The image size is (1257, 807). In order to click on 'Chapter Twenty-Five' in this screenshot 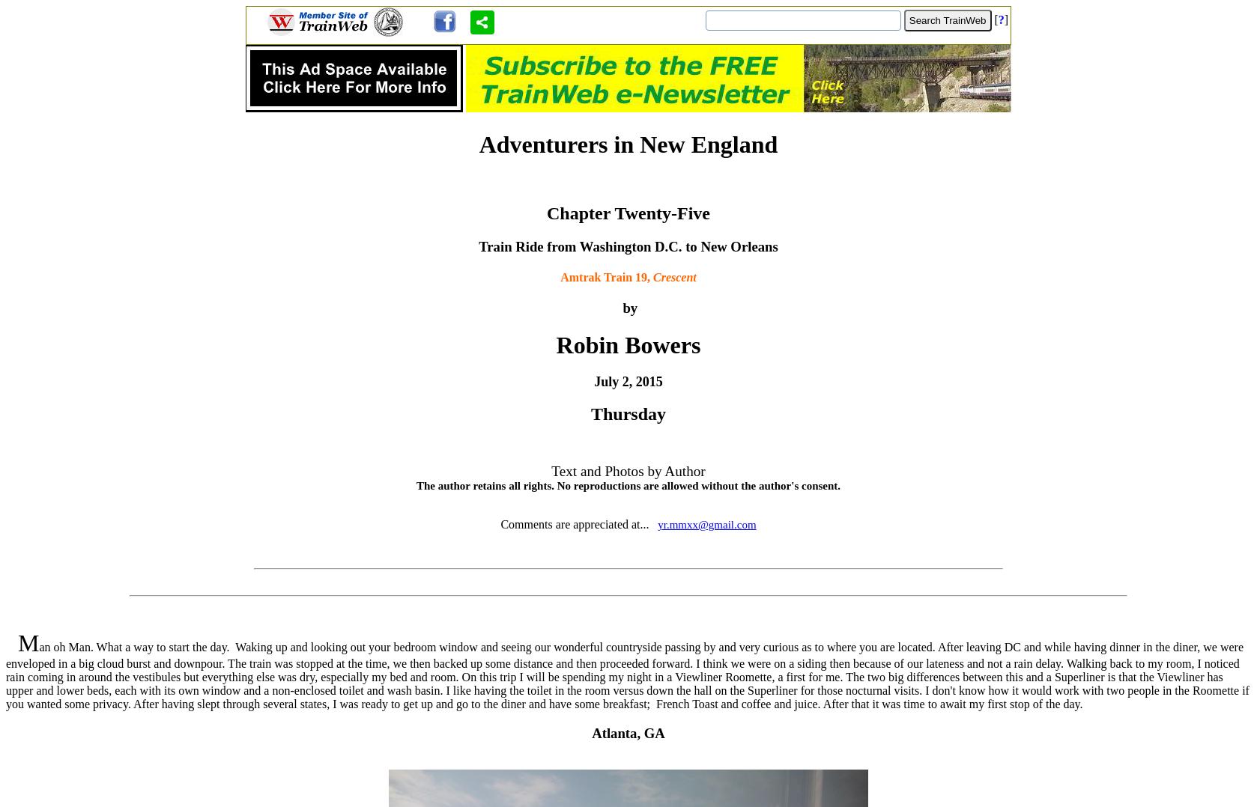, I will do `click(627, 213)`.